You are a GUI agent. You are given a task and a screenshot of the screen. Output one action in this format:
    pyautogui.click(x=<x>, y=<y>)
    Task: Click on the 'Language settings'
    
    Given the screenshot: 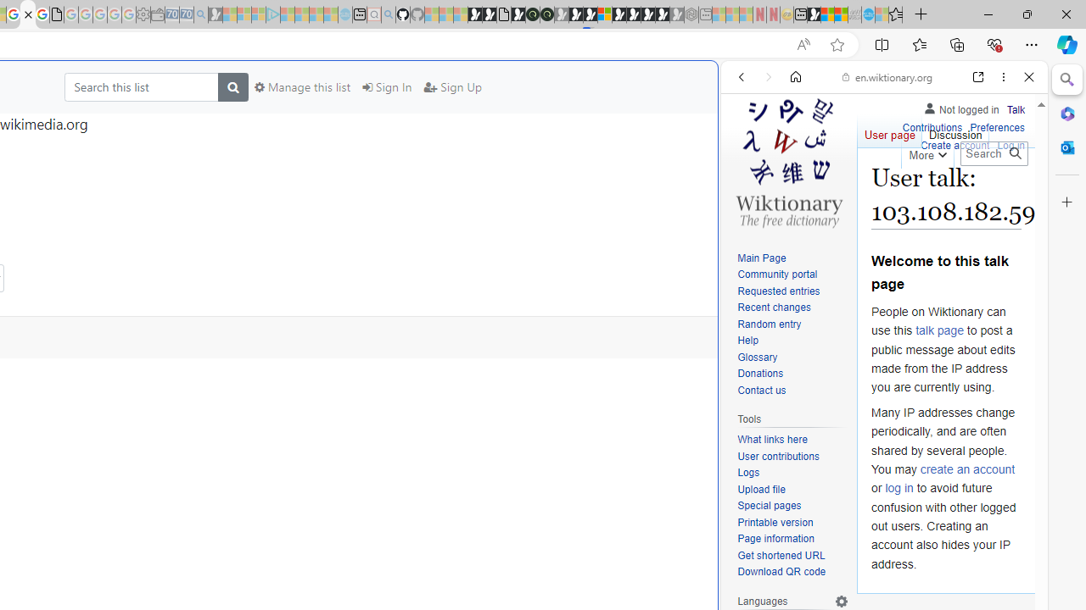 What is the action you would take?
    pyautogui.click(x=842, y=600)
    